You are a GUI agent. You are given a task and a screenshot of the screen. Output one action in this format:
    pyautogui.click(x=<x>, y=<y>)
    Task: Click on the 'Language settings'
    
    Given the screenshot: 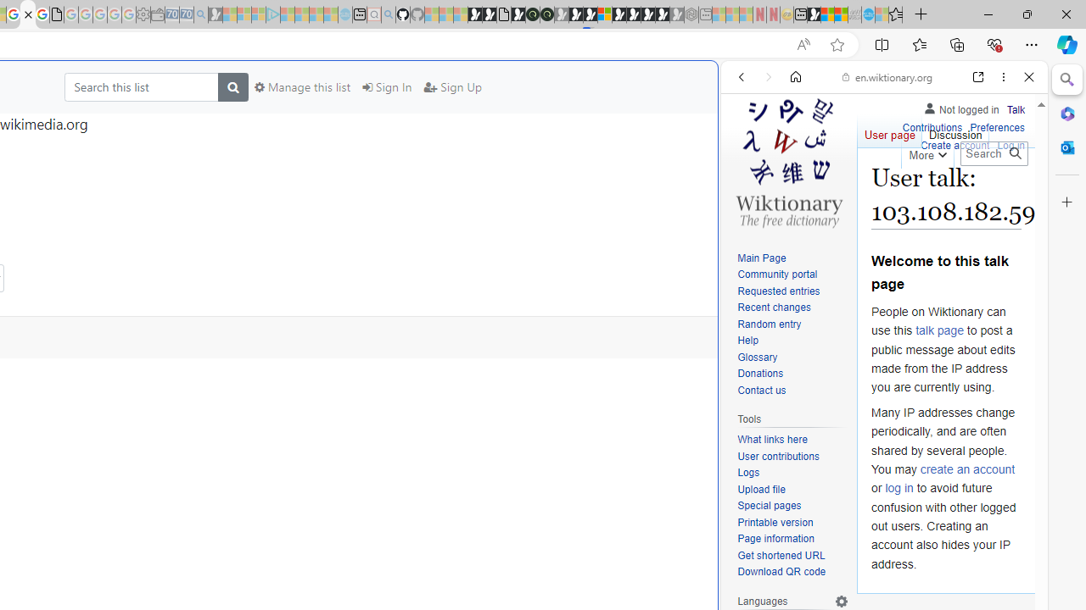 What is the action you would take?
    pyautogui.click(x=842, y=600)
    